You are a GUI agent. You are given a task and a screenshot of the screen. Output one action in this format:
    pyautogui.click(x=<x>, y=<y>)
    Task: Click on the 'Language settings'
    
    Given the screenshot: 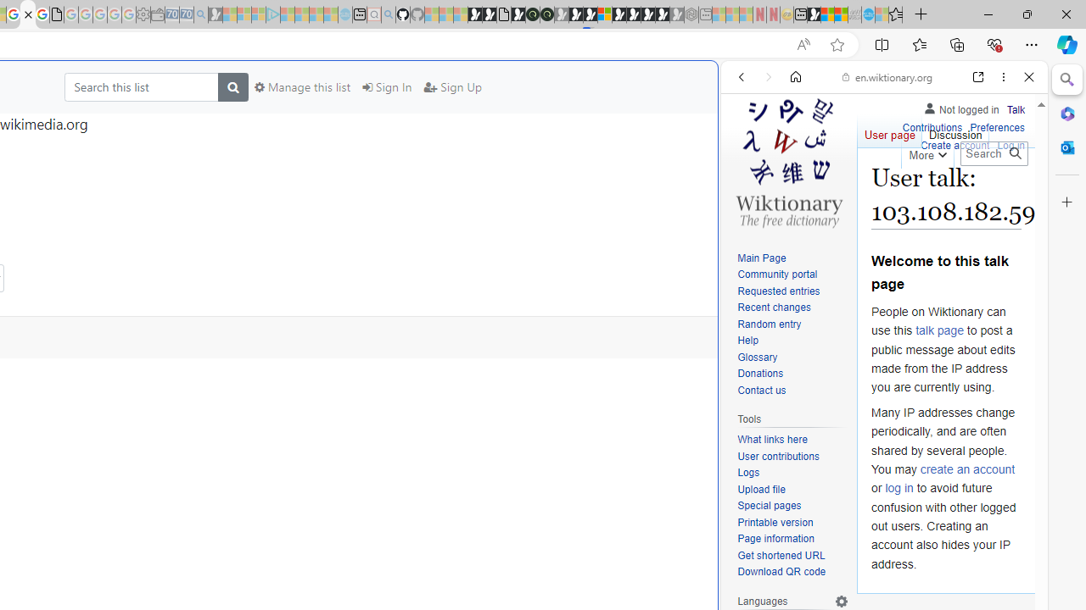 What is the action you would take?
    pyautogui.click(x=842, y=600)
    